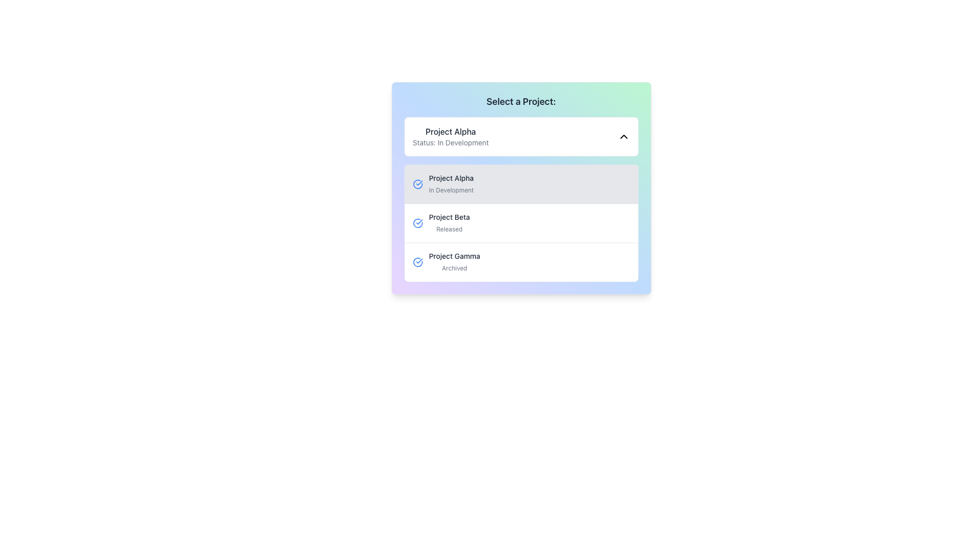 This screenshot has width=974, height=547. I want to click on the text display element showing 'Project Beta' in bold and 'Released' in gray, located in the second row of the dropdown menu titled 'Select a Project:', so click(448, 222).